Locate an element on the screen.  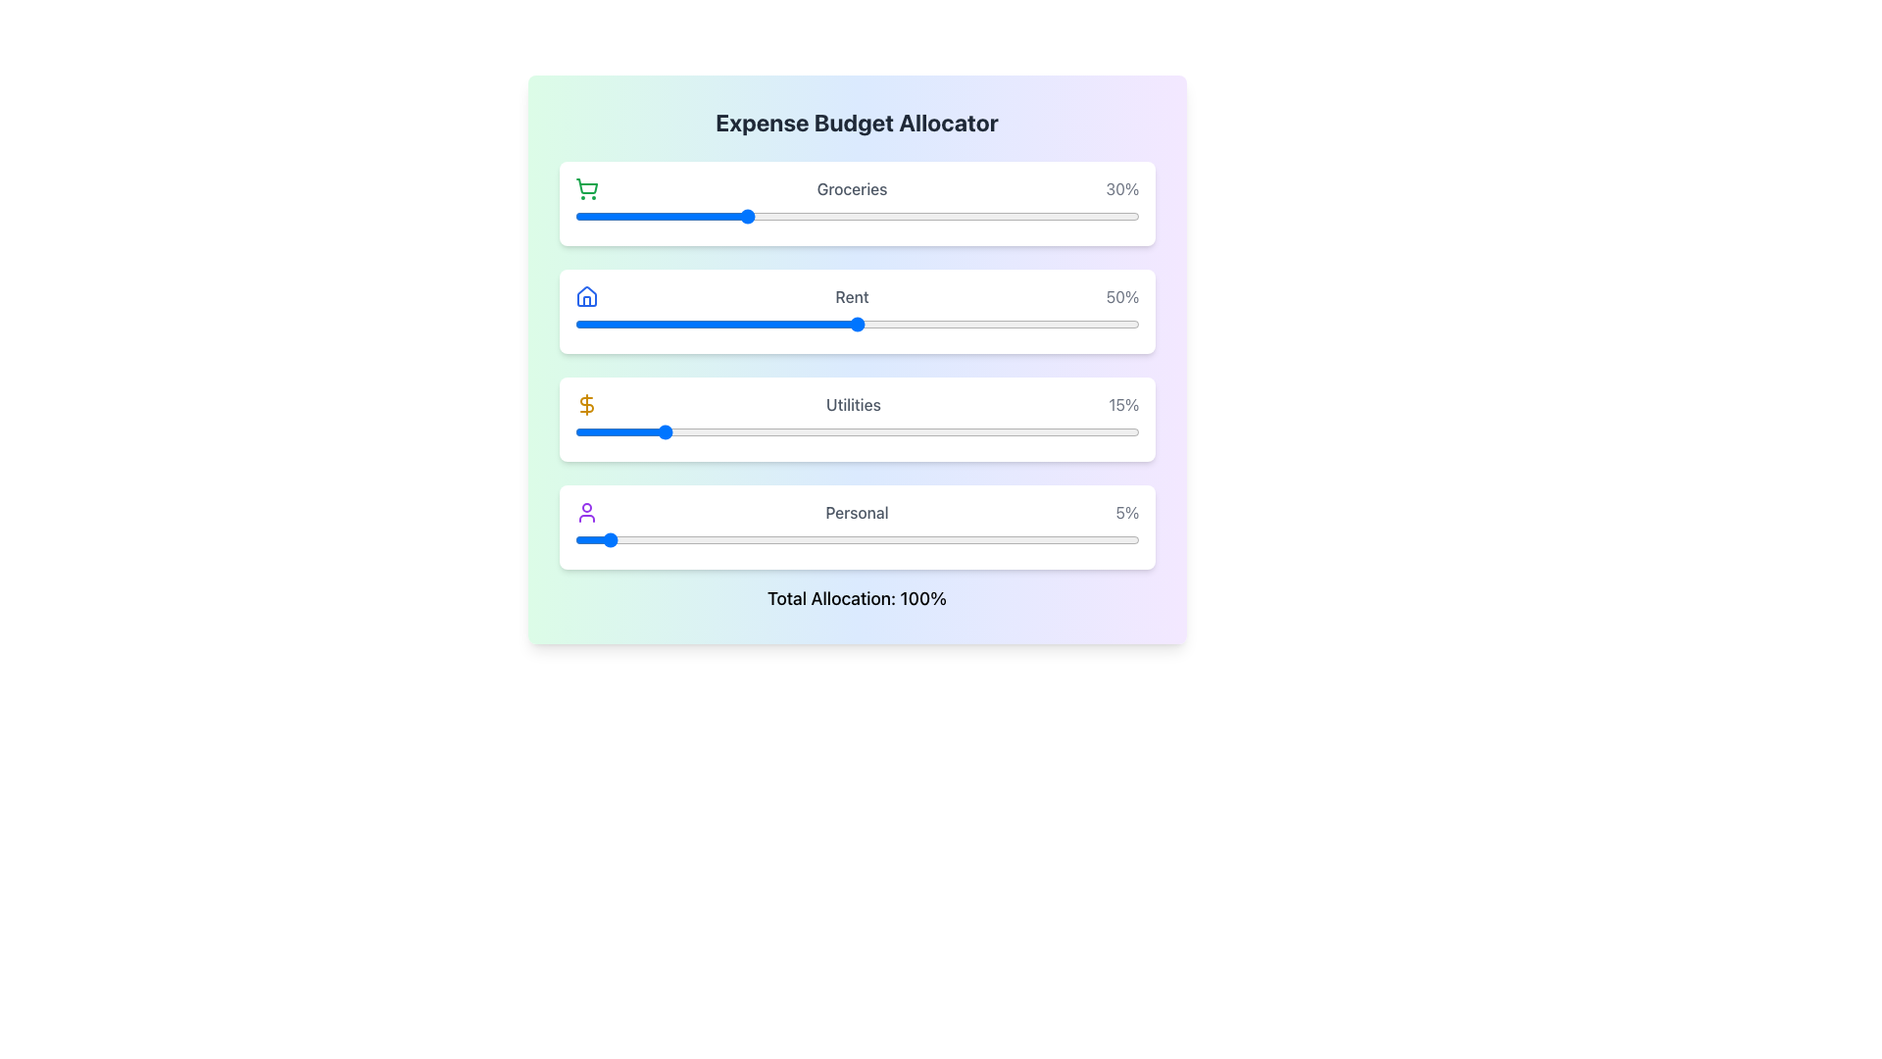
the Utilities slider is located at coordinates (1100, 430).